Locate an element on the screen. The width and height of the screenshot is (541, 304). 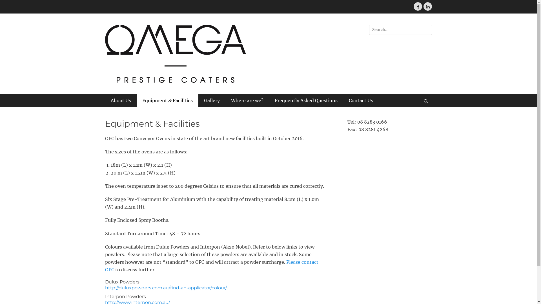
'Where are we?' is located at coordinates (247, 100).